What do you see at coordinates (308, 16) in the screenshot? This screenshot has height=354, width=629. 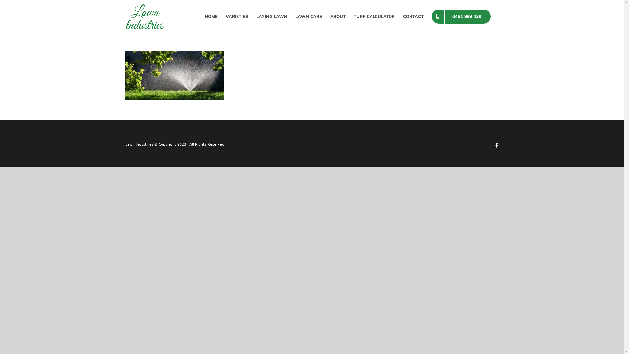 I see `'LAWN CARE'` at bounding box center [308, 16].